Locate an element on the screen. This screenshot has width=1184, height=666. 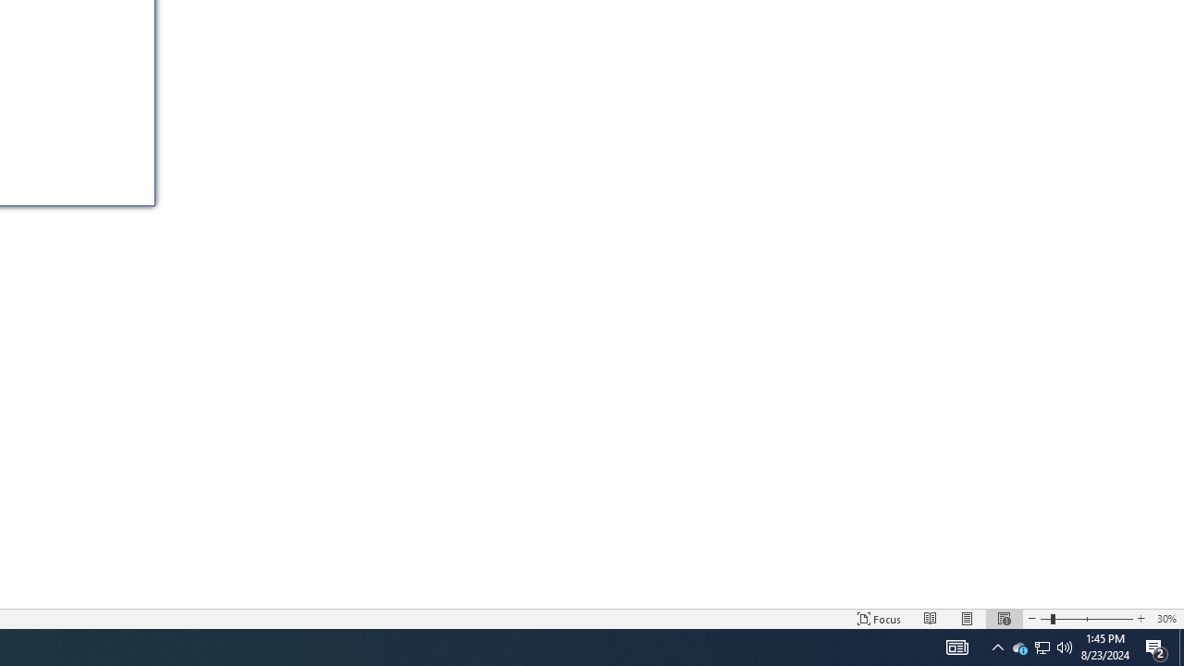
'Web Layout' is located at coordinates (1004, 619).